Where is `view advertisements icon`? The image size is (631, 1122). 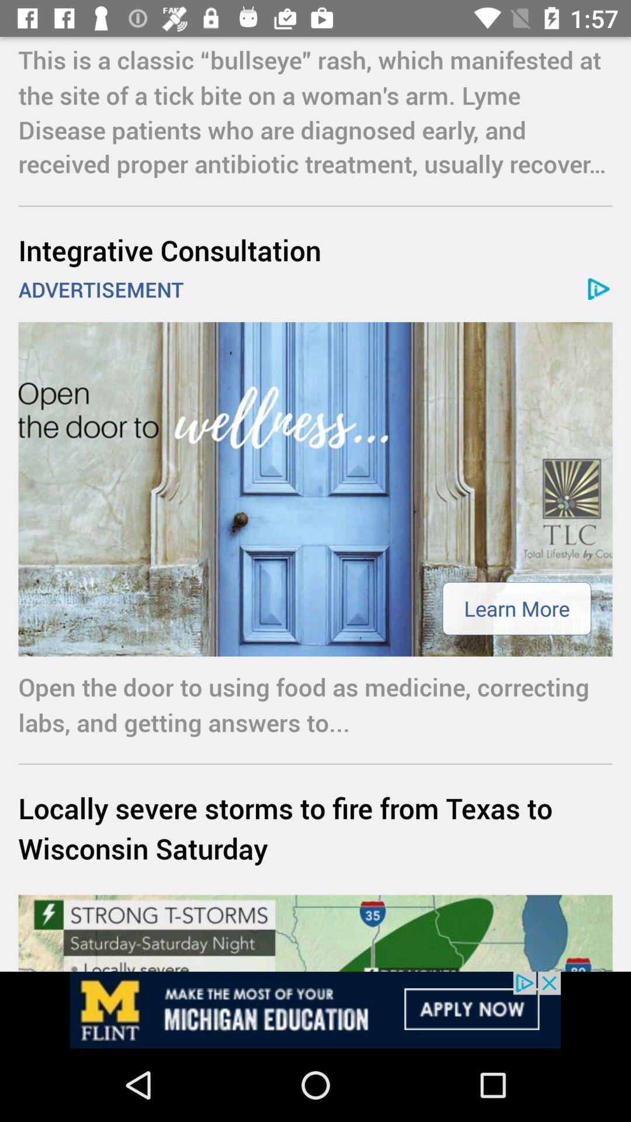 view advertisements icon is located at coordinates (315, 1009).